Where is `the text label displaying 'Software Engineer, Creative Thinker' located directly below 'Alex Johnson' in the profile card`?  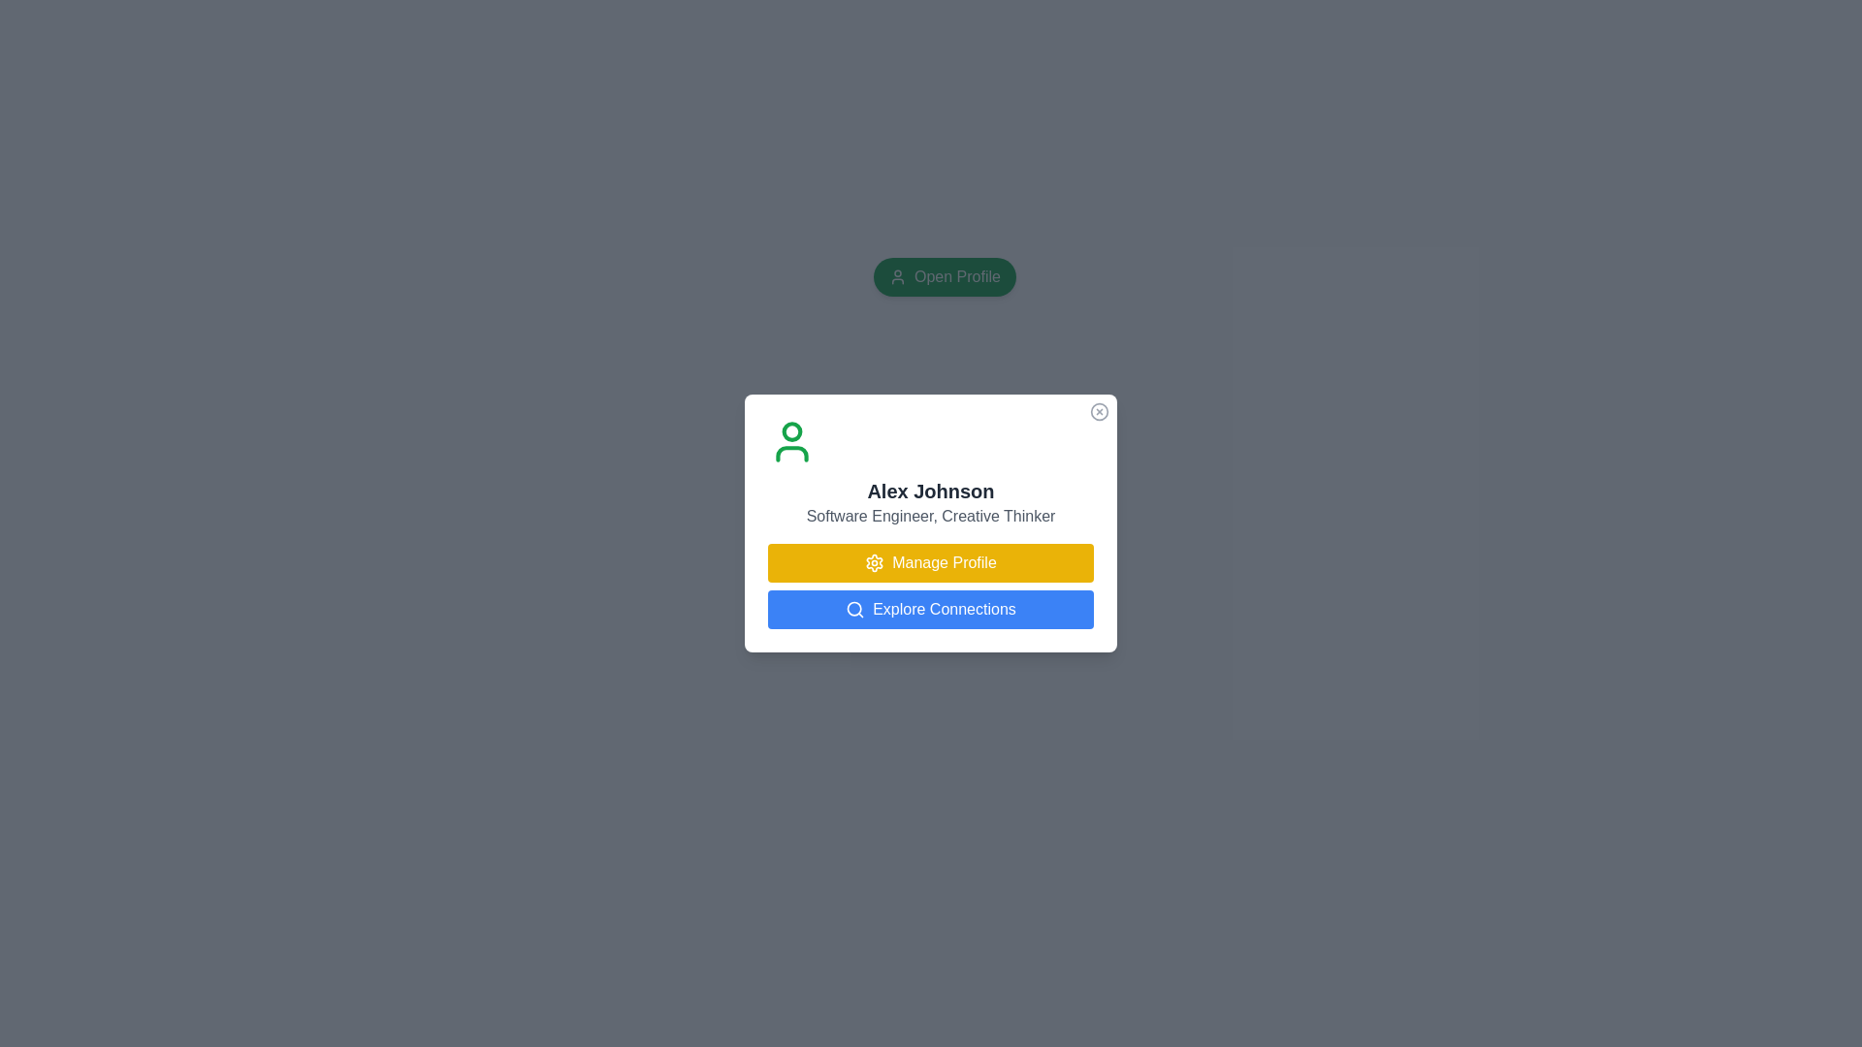
the text label displaying 'Software Engineer, Creative Thinker' located directly below 'Alex Johnson' in the profile card is located at coordinates (931, 515).